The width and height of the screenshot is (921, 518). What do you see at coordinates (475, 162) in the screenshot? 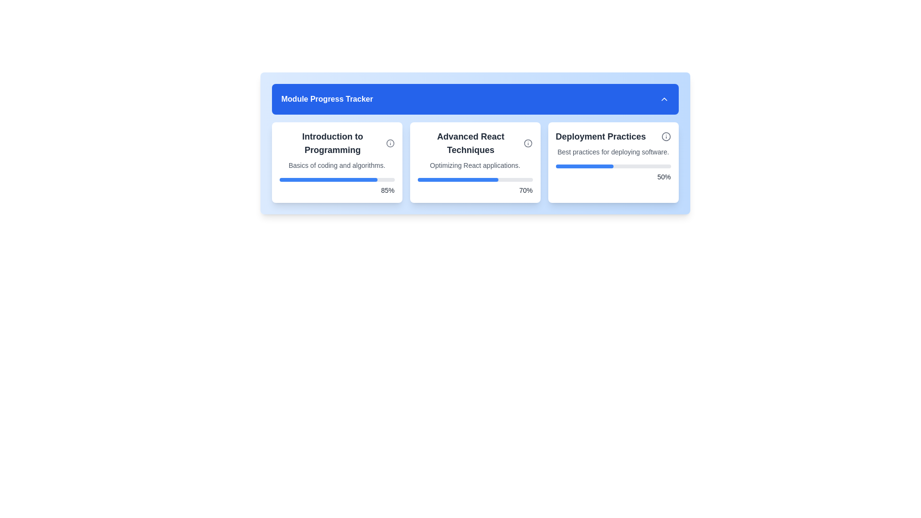
I see `the Card in the center of the module progress tracker section` at bounding box center [475, 162].